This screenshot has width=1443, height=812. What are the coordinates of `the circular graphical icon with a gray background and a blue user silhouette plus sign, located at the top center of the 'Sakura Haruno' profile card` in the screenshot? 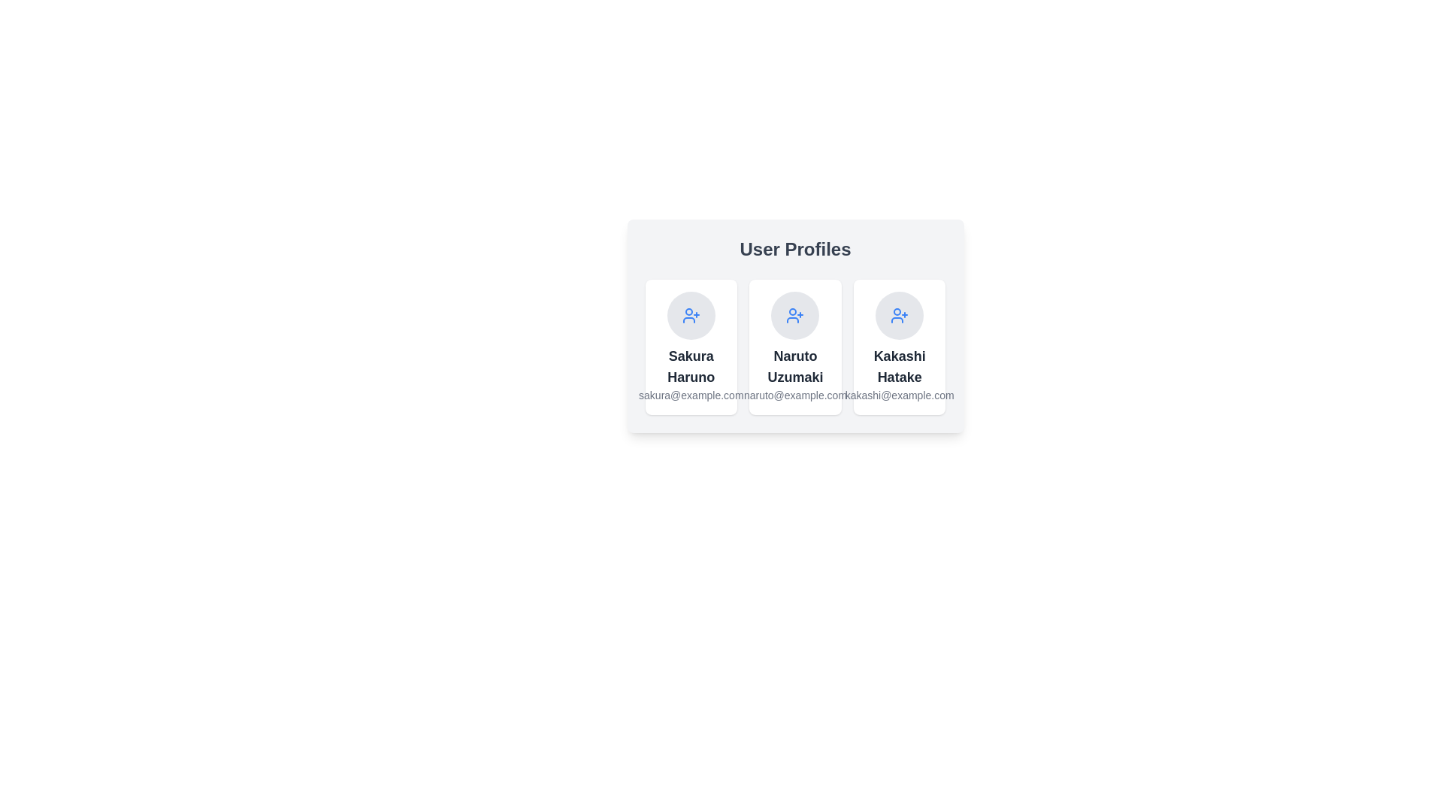 It's located at (690, 315).